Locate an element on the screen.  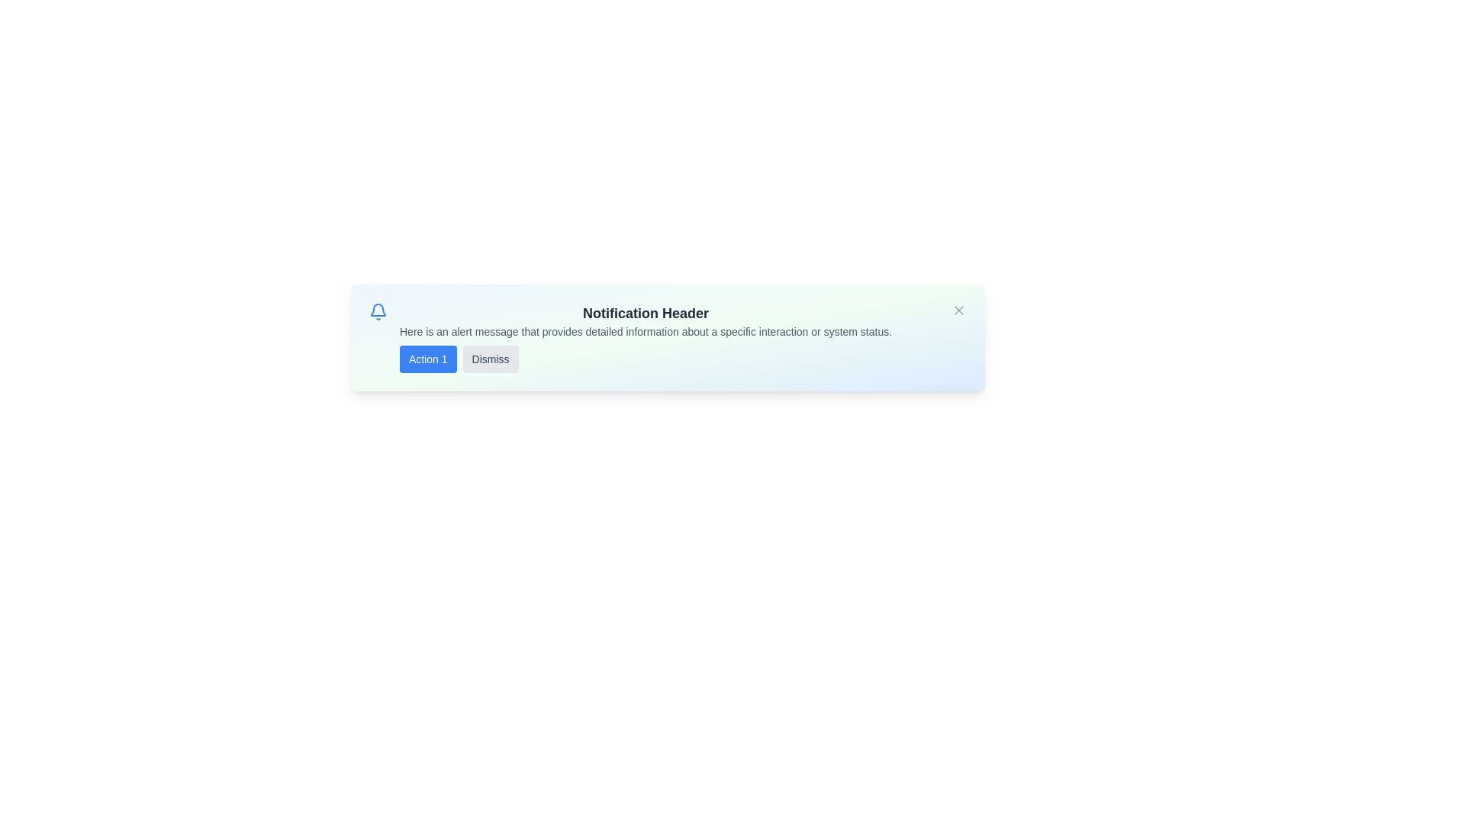
'Dismiss' button to hide the alert is located at coordinates (491, 359).